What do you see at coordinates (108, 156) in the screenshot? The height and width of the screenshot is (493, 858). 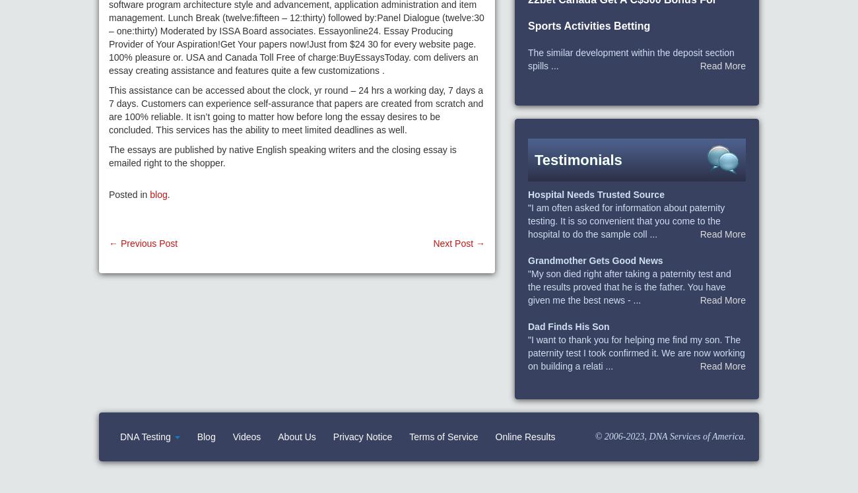 I see `'The essays are published by native English speaking writers and the closing essay is emailed right to the shopper.'` at bounding box center [108, 156].